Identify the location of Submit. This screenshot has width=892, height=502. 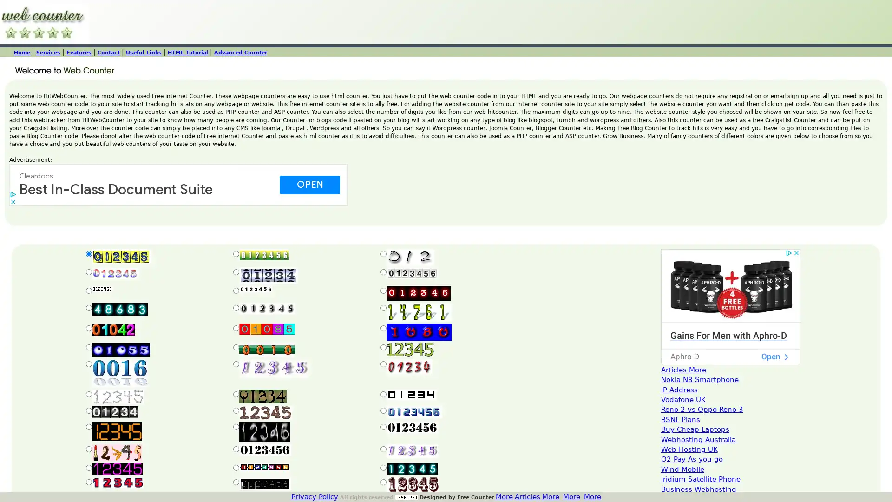
(255, 288).